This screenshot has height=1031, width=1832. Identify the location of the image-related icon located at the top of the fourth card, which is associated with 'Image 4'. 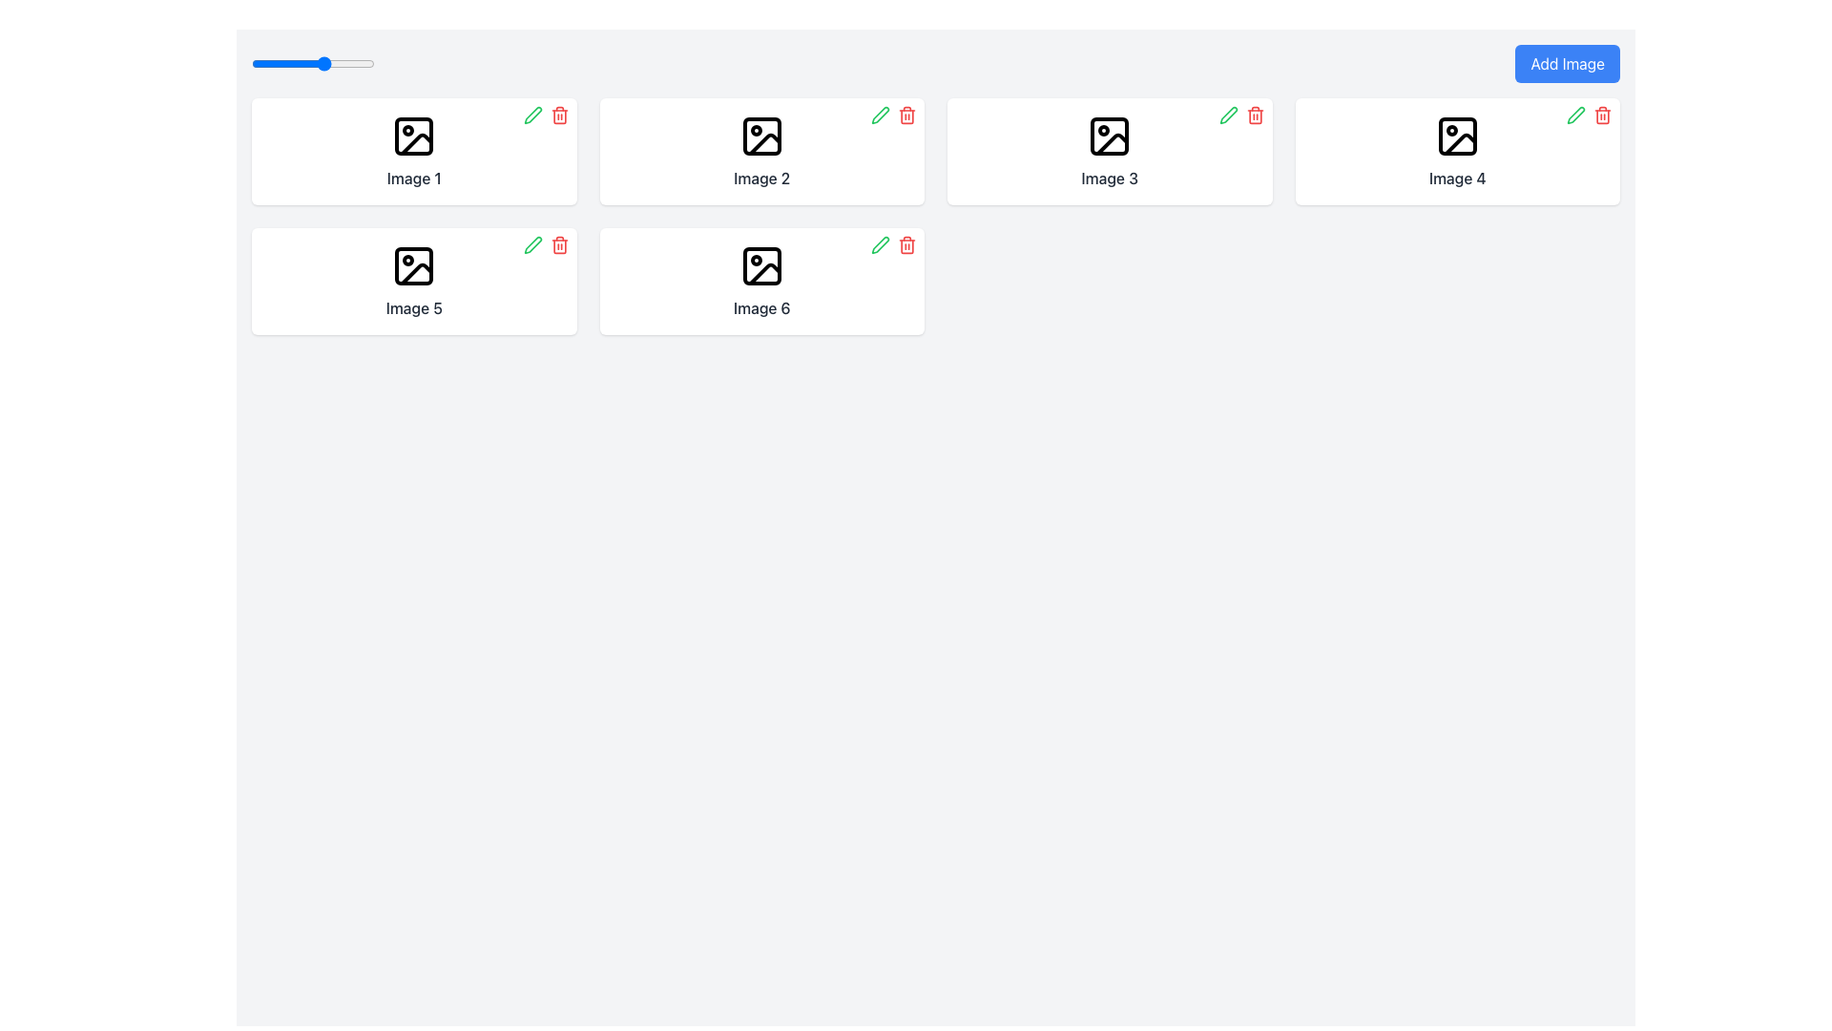
(1456, 135).